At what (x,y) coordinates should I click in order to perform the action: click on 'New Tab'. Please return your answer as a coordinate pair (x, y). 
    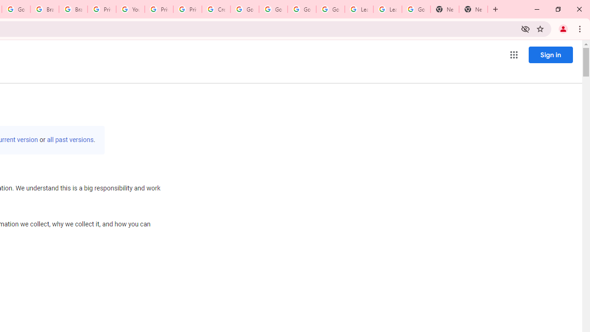
    Looking at the image, I should click on (445, 9).